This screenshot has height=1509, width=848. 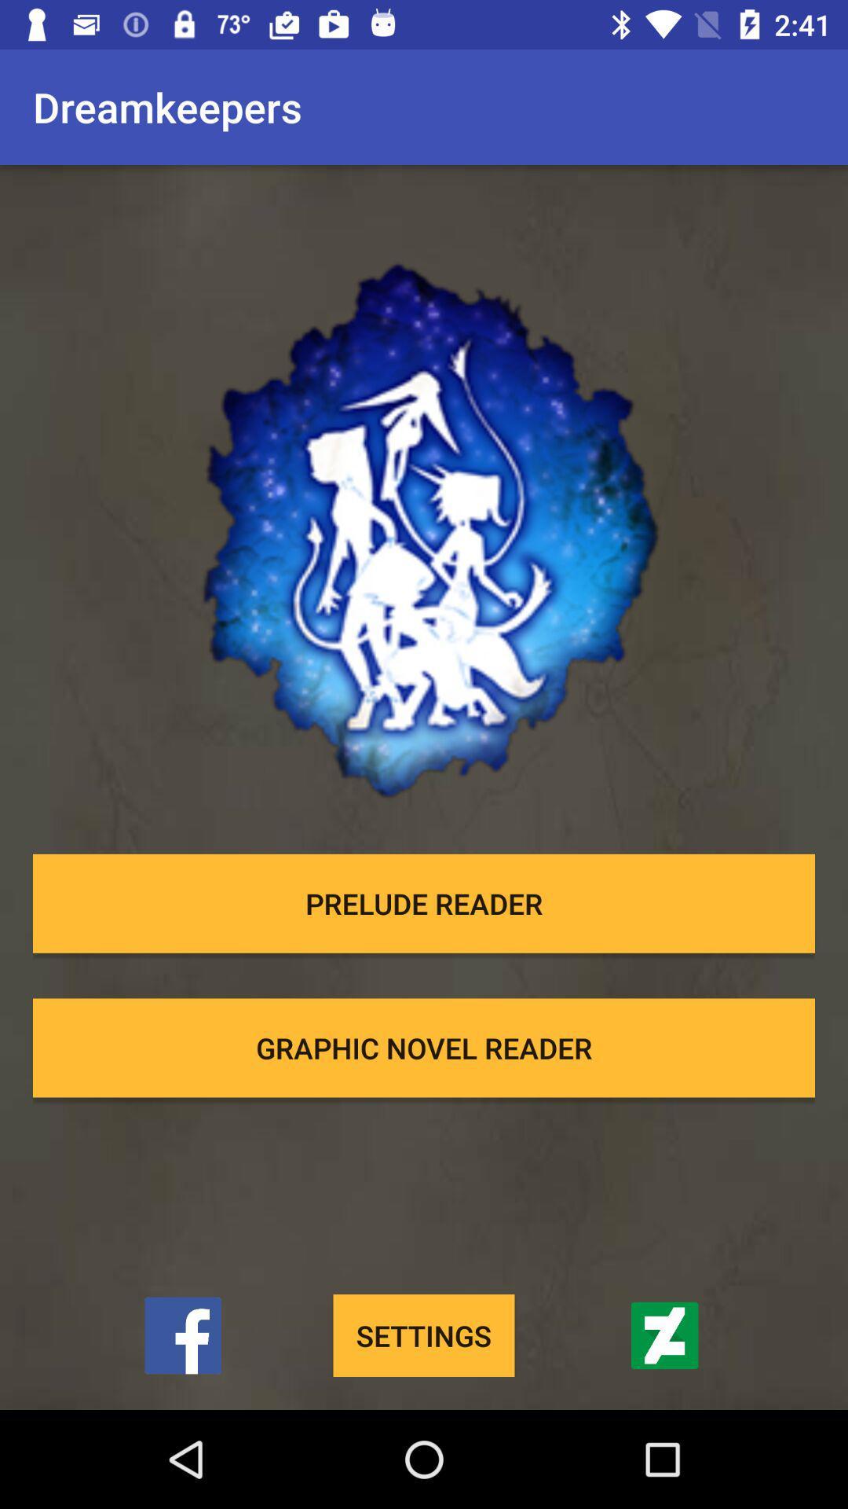 What do you see at coordinates (424, 1335) in the screenshot?
I see `the settings` at bounding box center [424, 1335].